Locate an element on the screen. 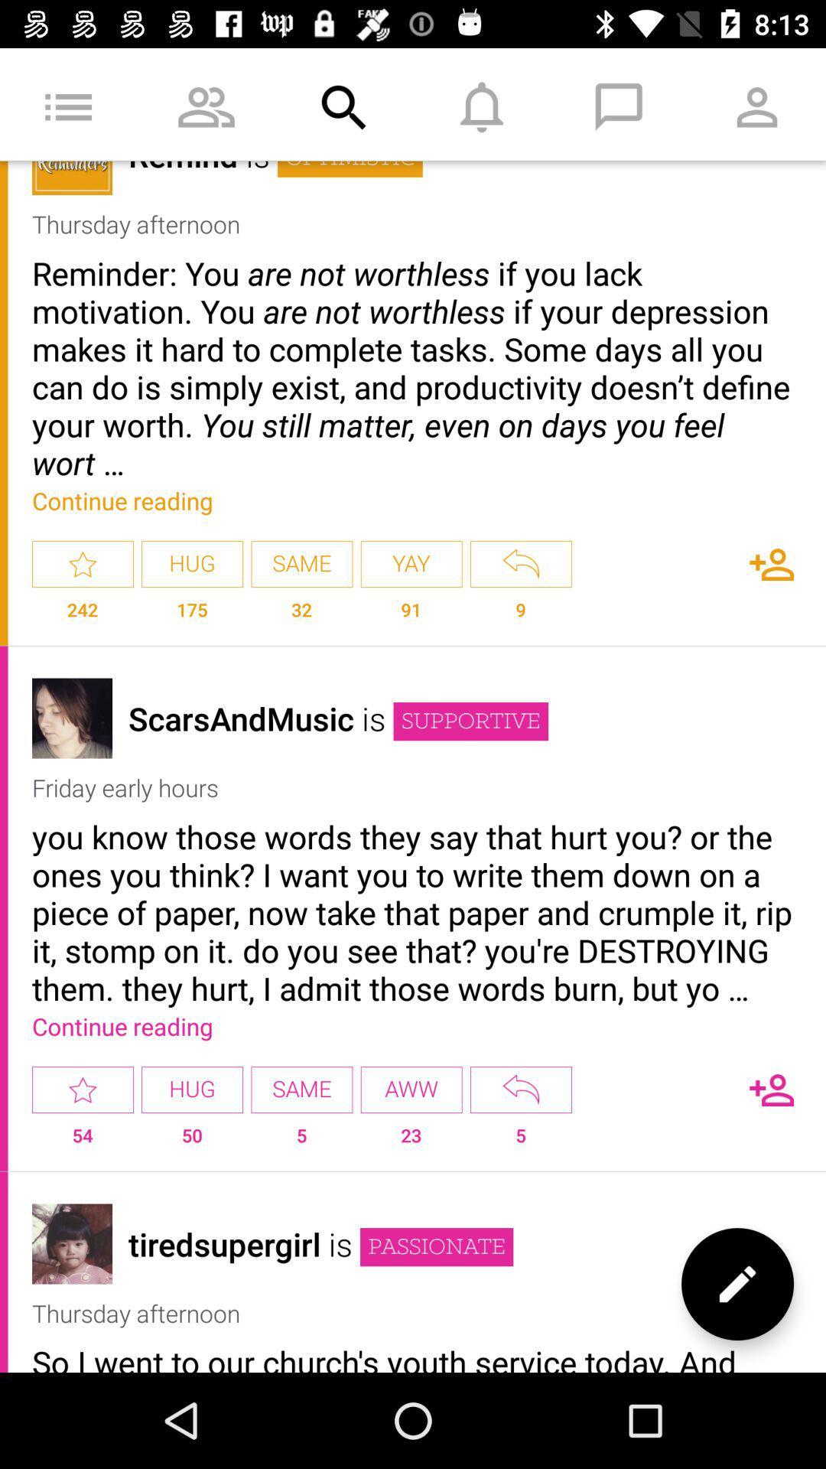 The height and width of the screenshot is (1469, 826). write new message is located at coordinates (737, 1284).